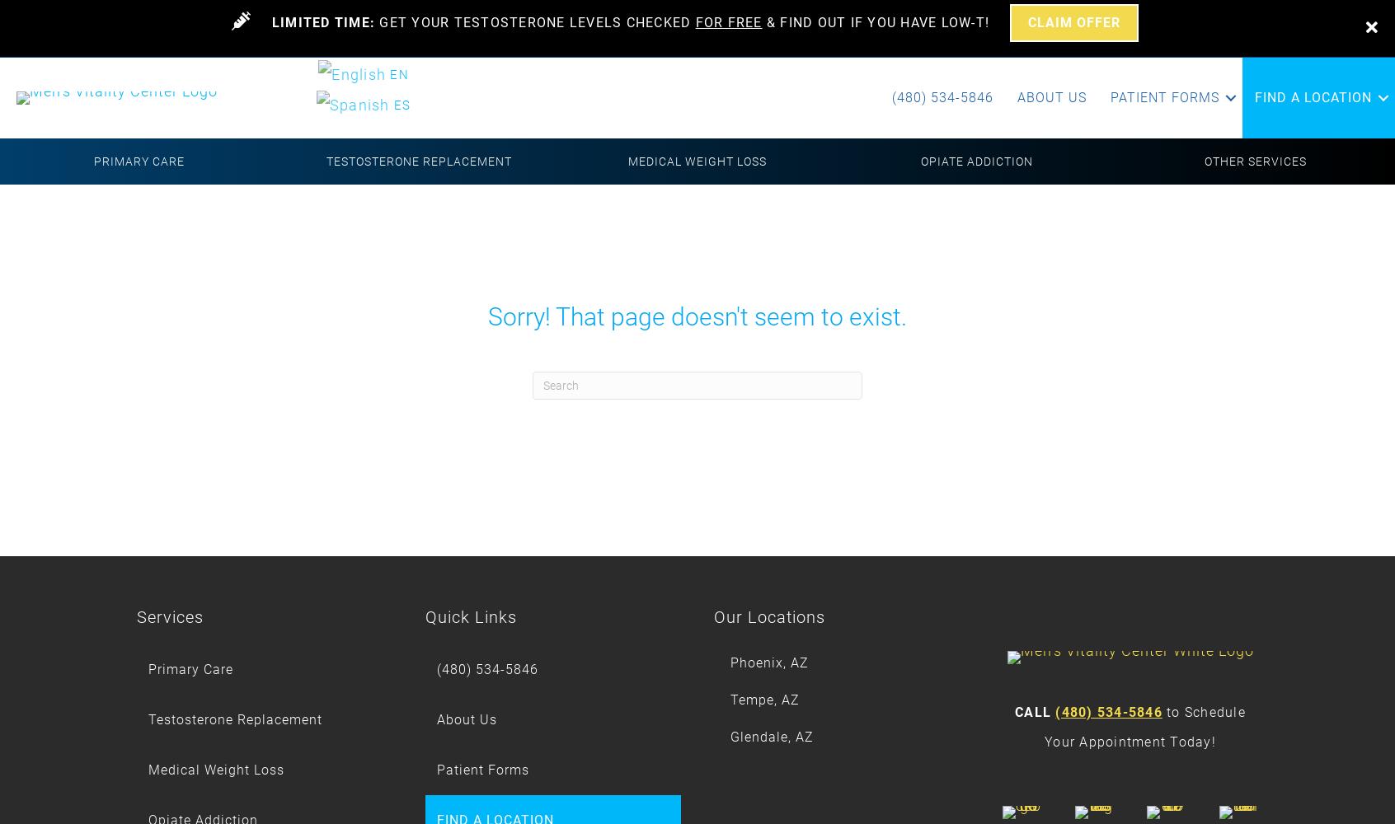 The width and height of the screenshot is (1395, 824). What do you see at coordinates (920, 161) in the screenshot?
I see `'Opiate Addiction'` at bounding box center [920, 161].